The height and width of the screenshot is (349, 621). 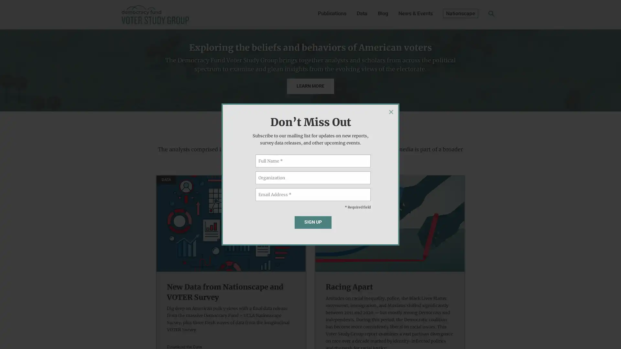 What do you see at coordinates (313, 222) in the screenshot?
I see `SIGN UP` at bounding box center [313, 222].